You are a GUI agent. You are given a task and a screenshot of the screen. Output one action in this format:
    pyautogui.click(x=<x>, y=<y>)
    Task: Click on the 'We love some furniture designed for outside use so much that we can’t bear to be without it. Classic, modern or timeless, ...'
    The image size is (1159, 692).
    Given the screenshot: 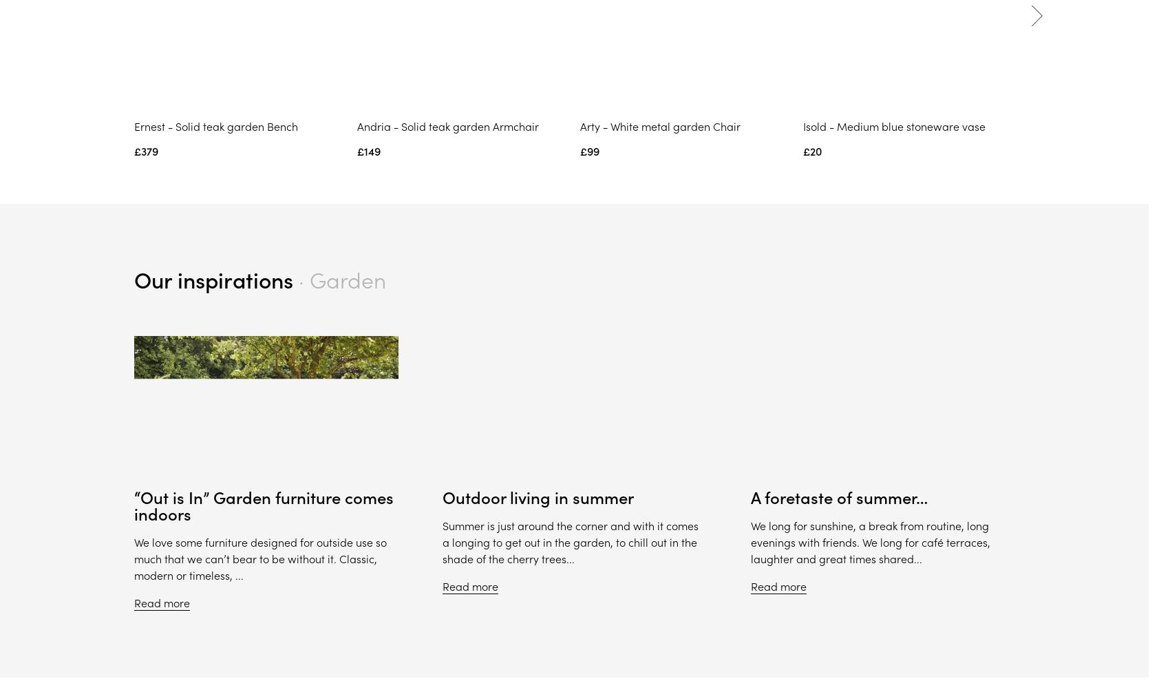 What is the action you would take?
    pyautogui.click(x=259, y=559)
    